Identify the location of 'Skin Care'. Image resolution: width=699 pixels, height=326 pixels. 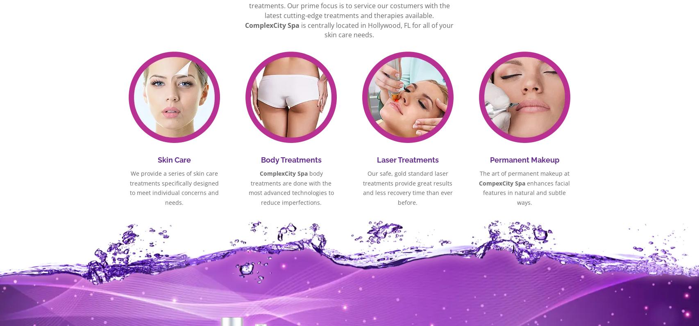
(174, 160).